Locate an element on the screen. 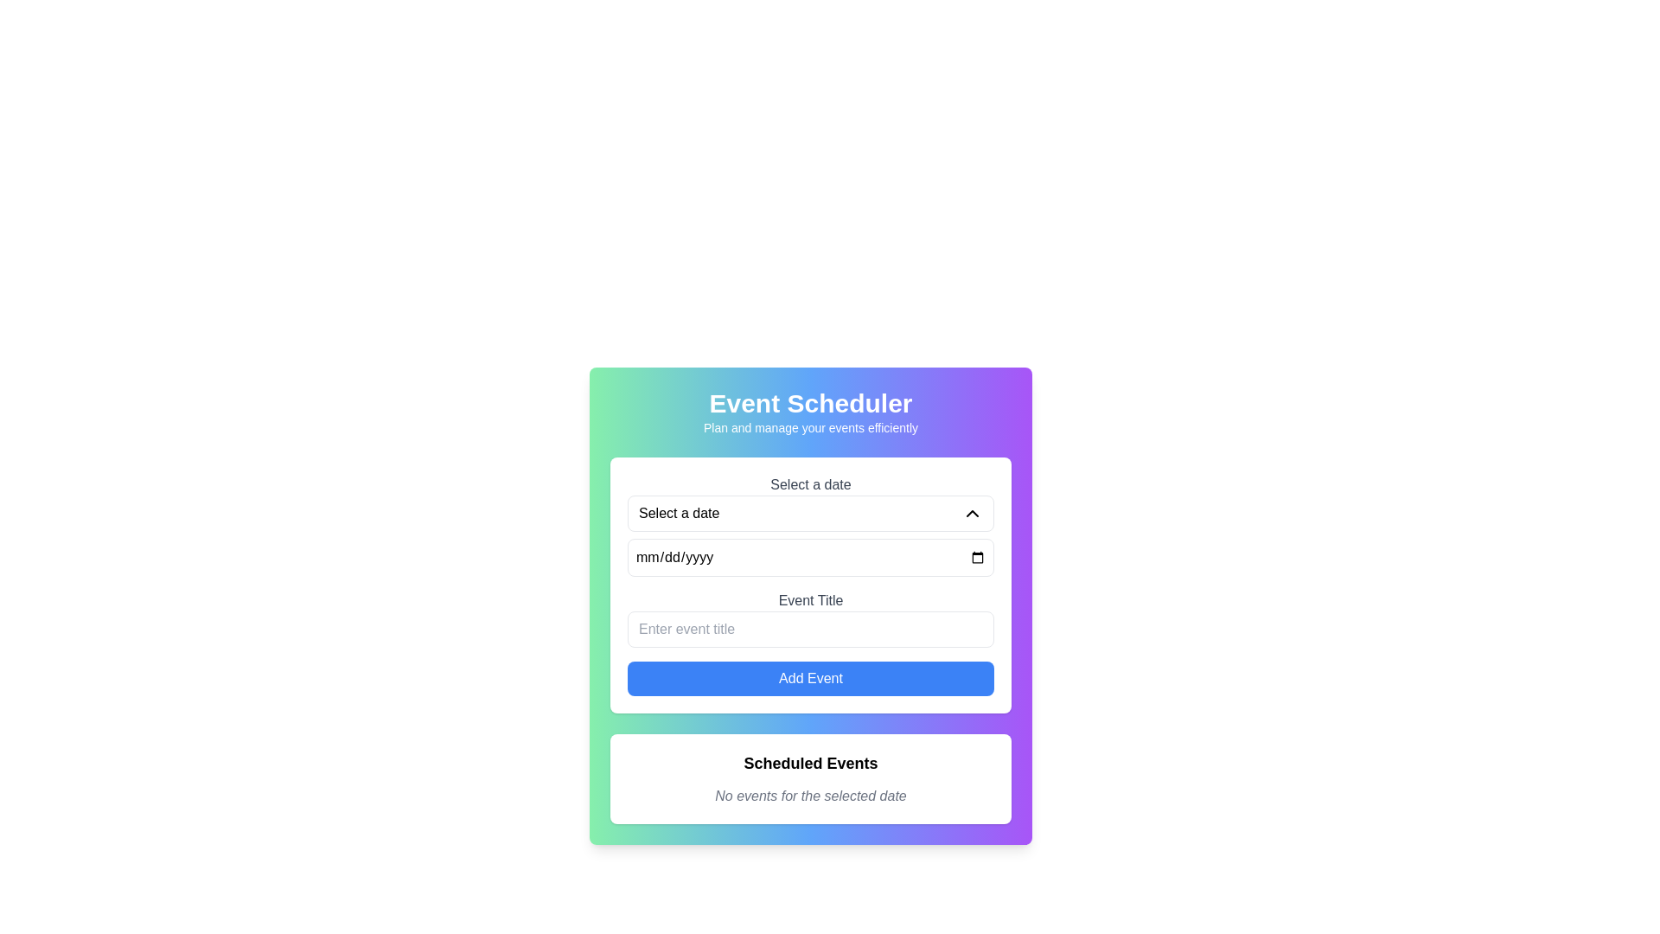 The width and height of the screenshot is (1660, 934). the text label that contains 'Select a date', which is styled in gray and positioned above date selection elements is located at coordinates (809, 484).